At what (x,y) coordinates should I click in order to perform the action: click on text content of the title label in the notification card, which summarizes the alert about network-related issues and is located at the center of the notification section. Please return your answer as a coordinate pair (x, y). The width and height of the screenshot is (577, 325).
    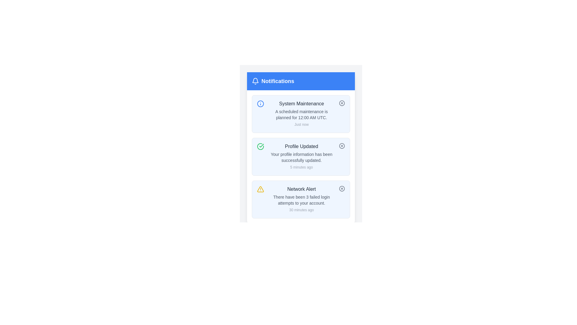
    Looking at the image, I should click on (301, 189).